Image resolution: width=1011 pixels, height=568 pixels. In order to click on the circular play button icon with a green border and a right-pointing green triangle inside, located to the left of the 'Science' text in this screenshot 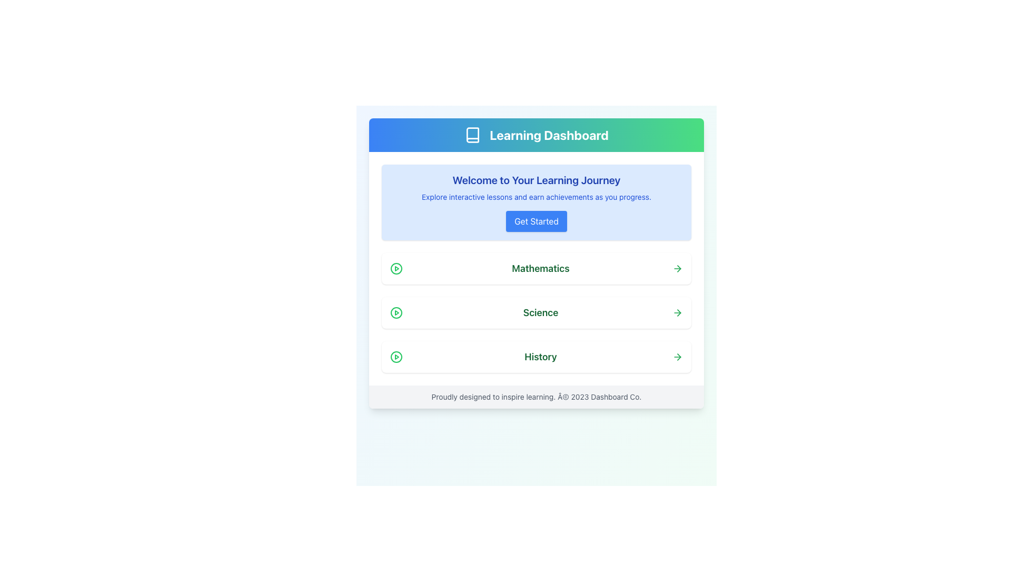, I will do `click(396, 312)`.